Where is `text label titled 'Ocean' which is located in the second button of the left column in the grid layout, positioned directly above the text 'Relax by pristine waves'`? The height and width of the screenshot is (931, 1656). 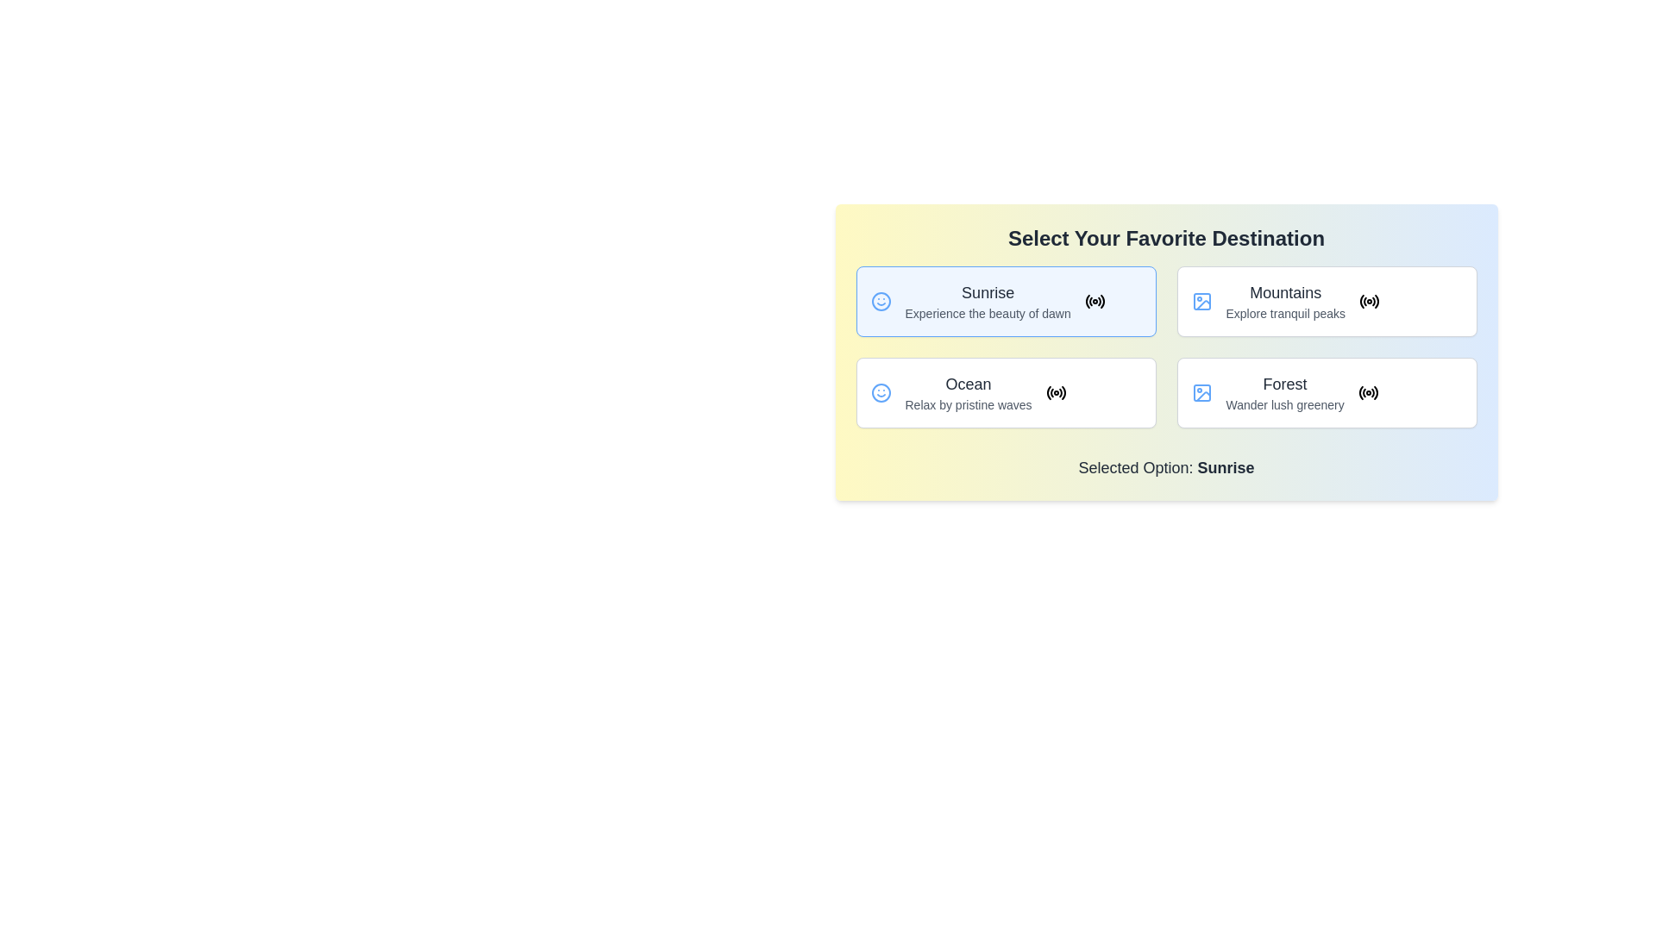
text label titled 'Ocean' which is located in the second button of the left column in the grid layout, positioned directly above the text 'Relax by pristine waves' is located at coordinates (969, 384).